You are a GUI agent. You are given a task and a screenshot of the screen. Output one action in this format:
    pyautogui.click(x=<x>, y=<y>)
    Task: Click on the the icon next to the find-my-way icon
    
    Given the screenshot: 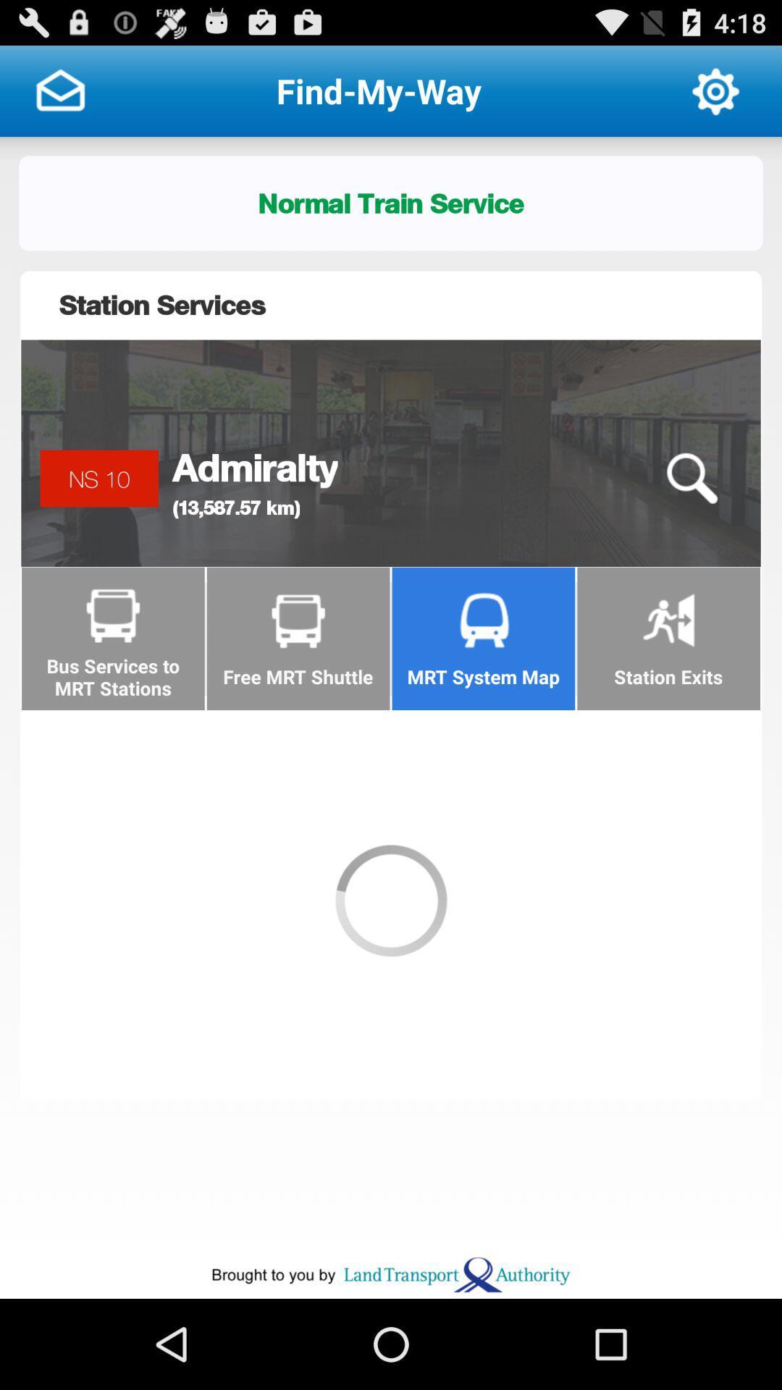 What is the action you would take?
    pyautogui.click(x=59, y=90)
    